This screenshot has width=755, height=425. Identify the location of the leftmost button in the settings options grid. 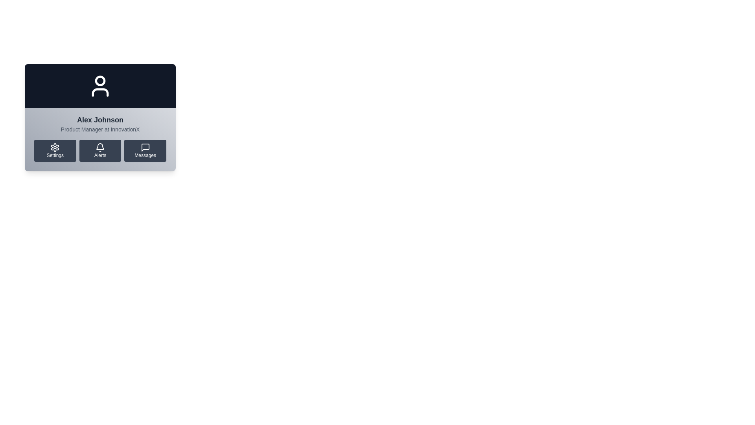
(55, 150).